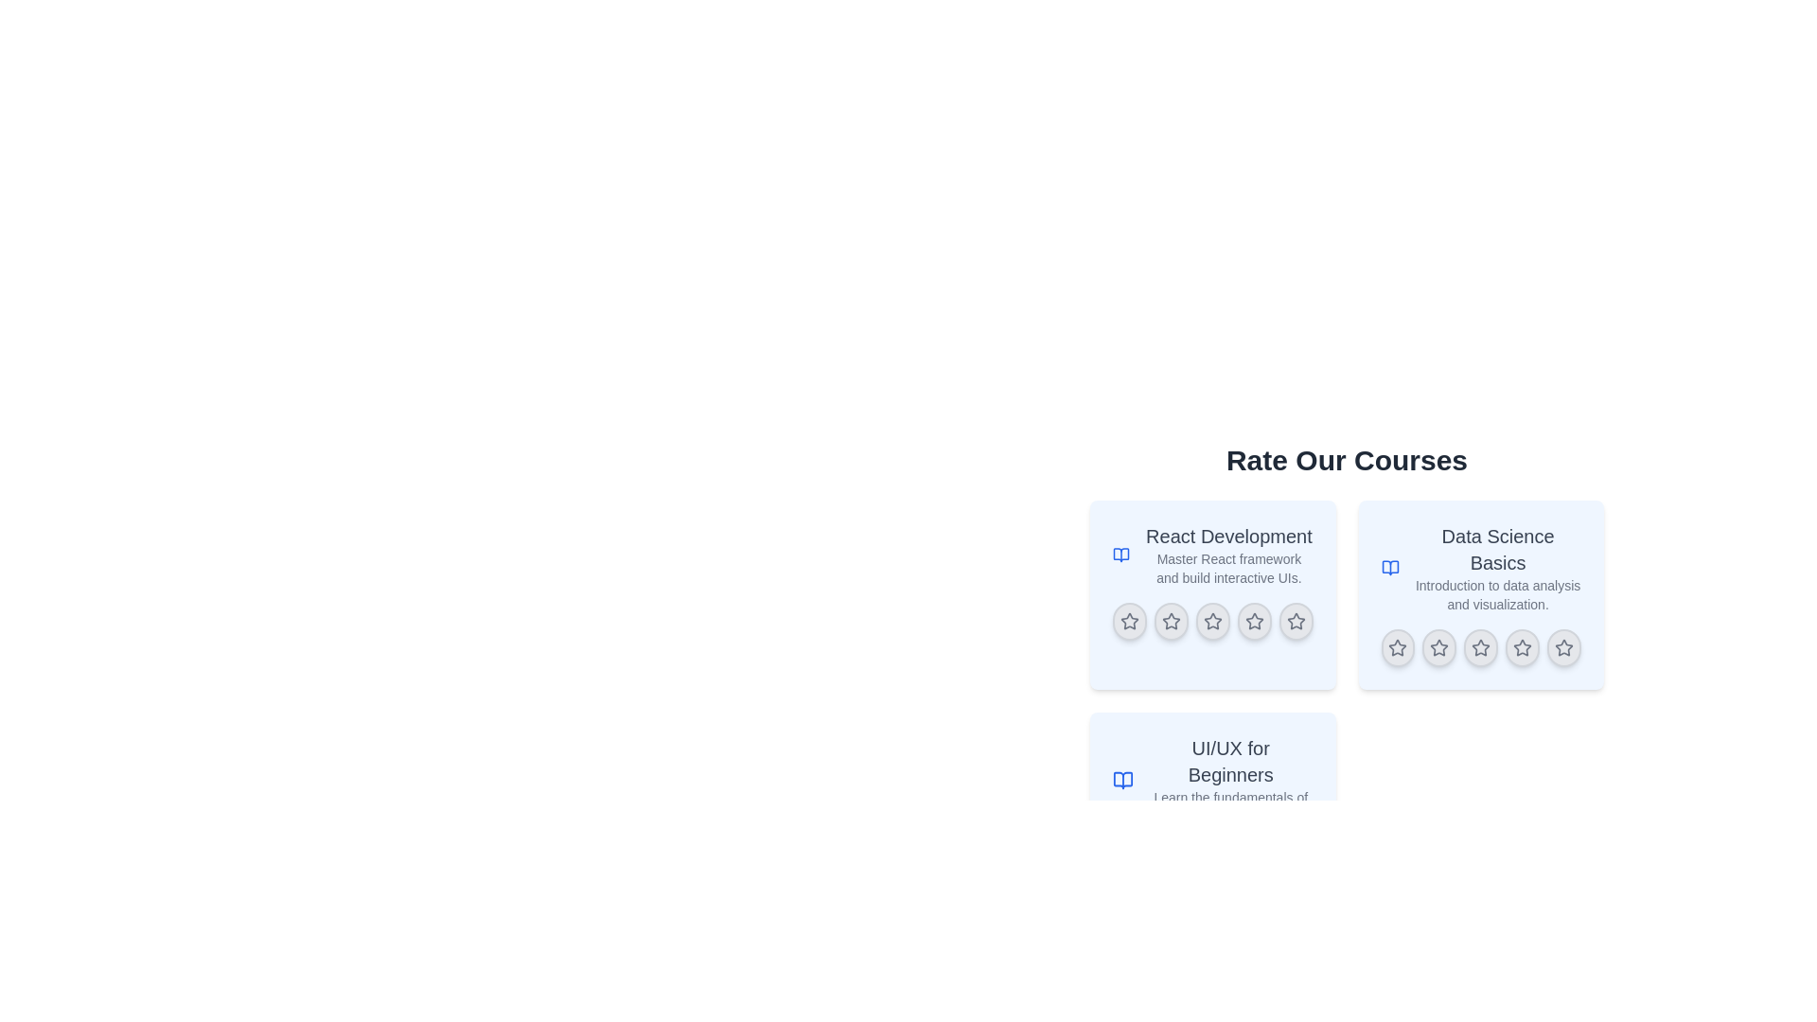 This screenshot has height=1022, width=1817. What do you see at coordinates (1497, 568) in the screenshot?
I see `the text content element containing 'Data Science Basics' and 'Introduction to data analysis and visualization' located in the center-right section of the layout, within the second card of the 'Rate Our Courses' set` at bounding box center [1497, 568].